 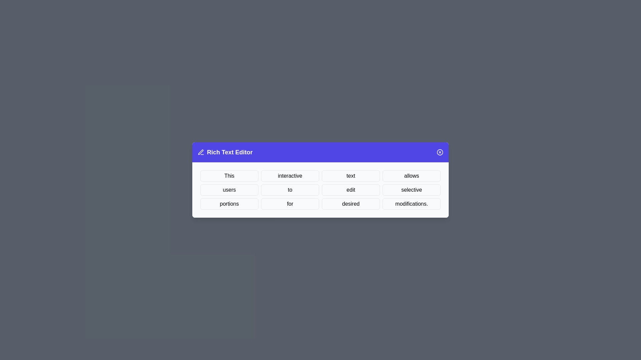 I want to click on the word modifications. to select it, so click(x=411, y=204).